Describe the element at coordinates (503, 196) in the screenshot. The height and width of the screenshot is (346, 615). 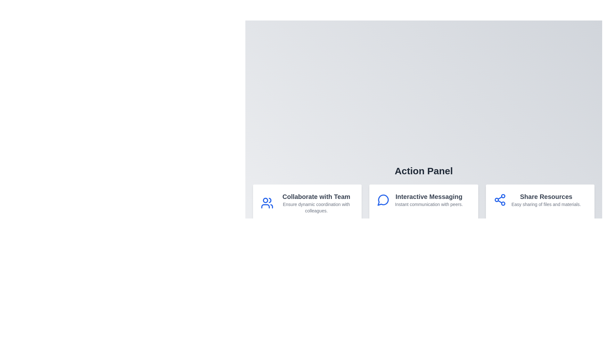
I see `the topmost circular node within the share icon located under the 'Share Resources' section of the Action Panel` at that location.